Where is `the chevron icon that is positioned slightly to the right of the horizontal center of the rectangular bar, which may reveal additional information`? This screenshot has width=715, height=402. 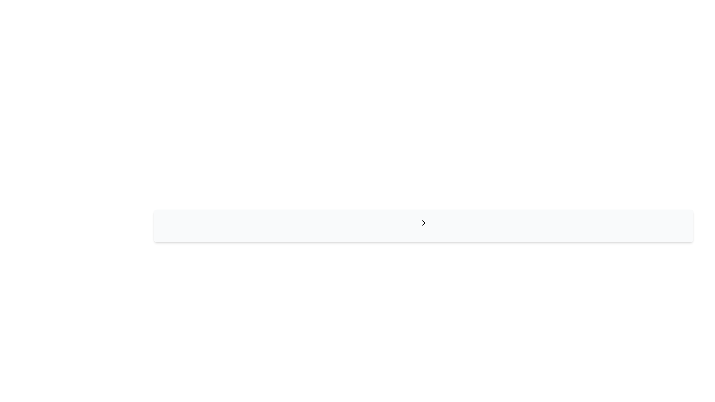 the chevron icon that is positioned slightly to the right of the horizontal center of the rectangular bar, which may reveal additional information is located at coordinates (423, 222).